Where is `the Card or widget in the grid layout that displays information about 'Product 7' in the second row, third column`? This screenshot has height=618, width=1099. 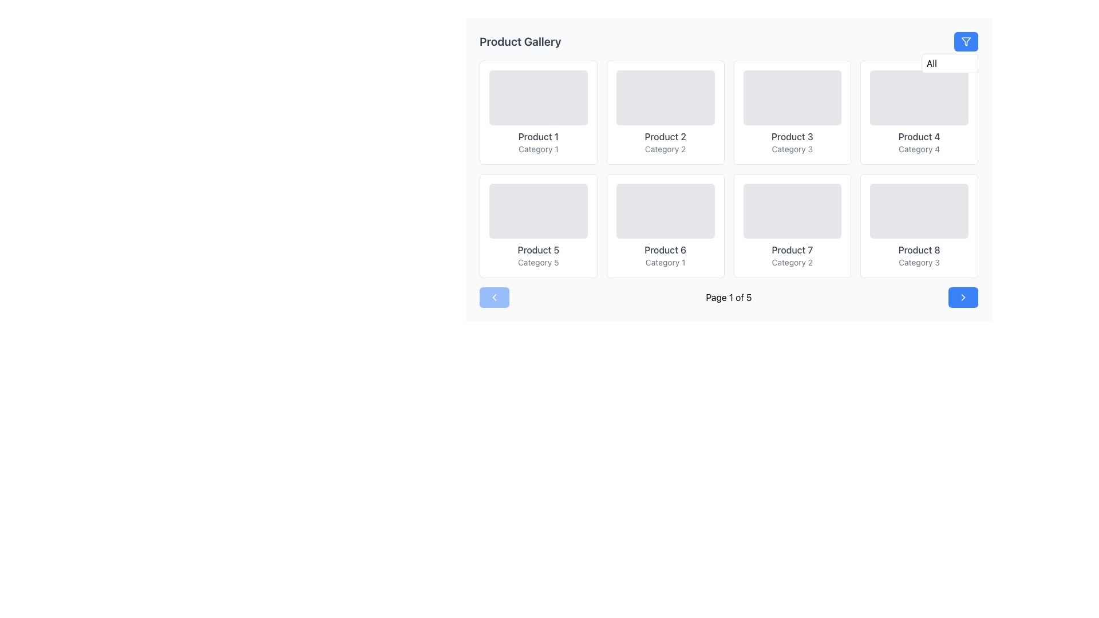 the Card or widget in the grid layout that displays information about 'Product 7' in the second row, third column is located at coordinates (792, 225).